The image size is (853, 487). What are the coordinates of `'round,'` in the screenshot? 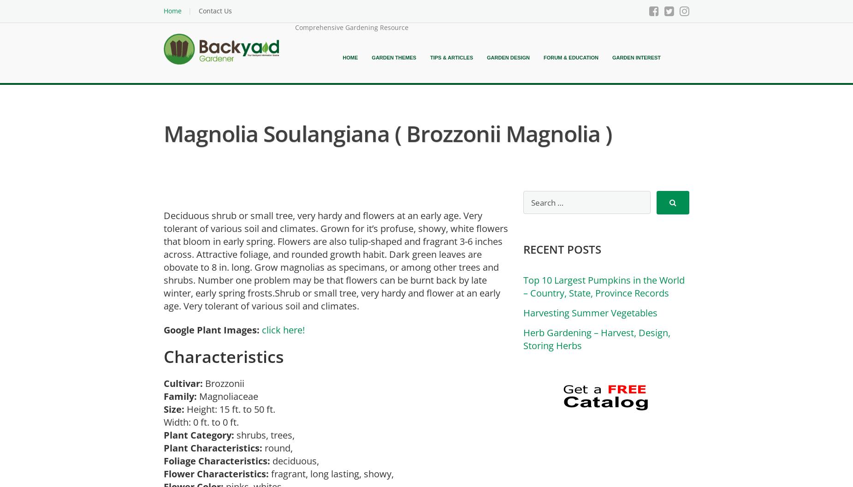 It's located at (279, 447).